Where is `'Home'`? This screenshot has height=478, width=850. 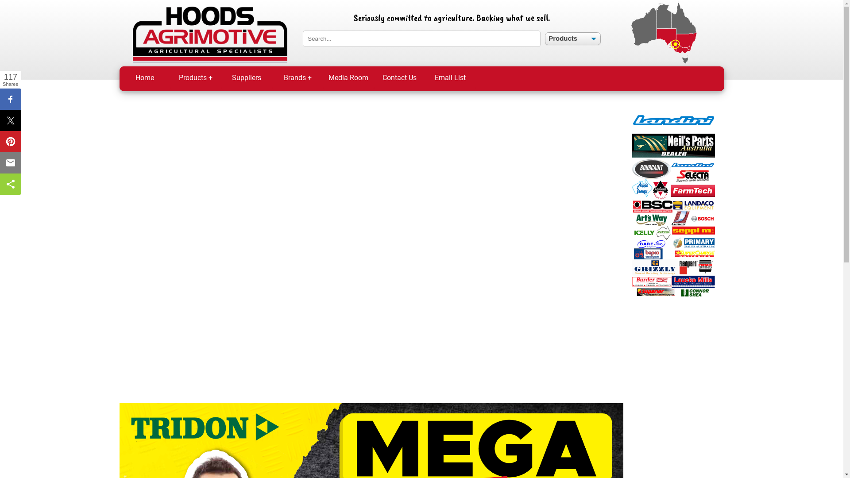
'Home' is located at coordinates (119, 78).